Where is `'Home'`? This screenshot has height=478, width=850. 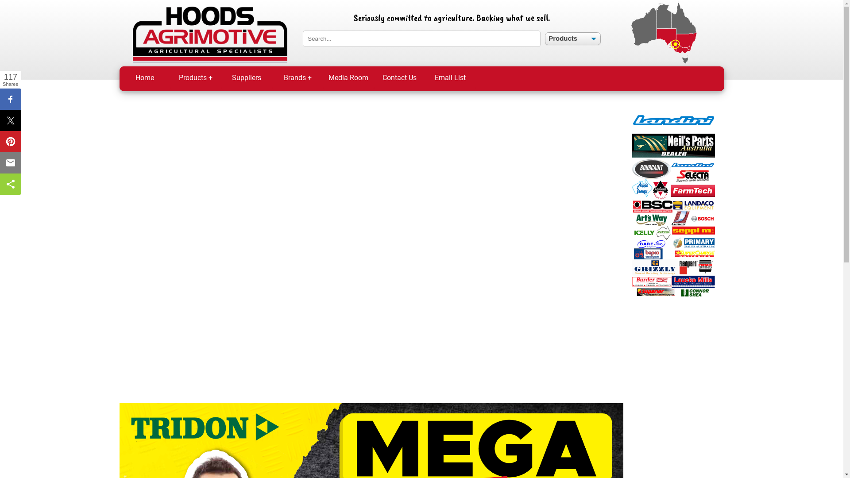
'Home' is located at coordinates (119, 78).